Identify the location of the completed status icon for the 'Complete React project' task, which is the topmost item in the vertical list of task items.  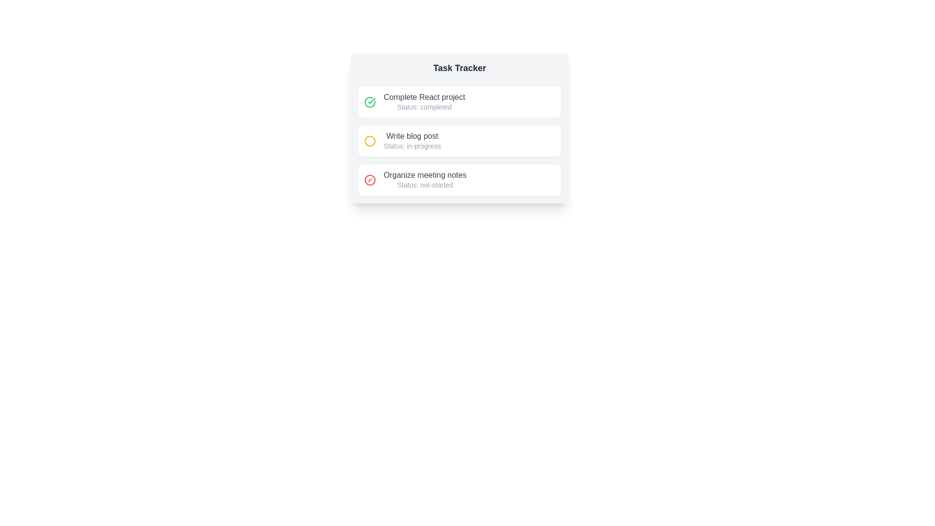
(369, 102).